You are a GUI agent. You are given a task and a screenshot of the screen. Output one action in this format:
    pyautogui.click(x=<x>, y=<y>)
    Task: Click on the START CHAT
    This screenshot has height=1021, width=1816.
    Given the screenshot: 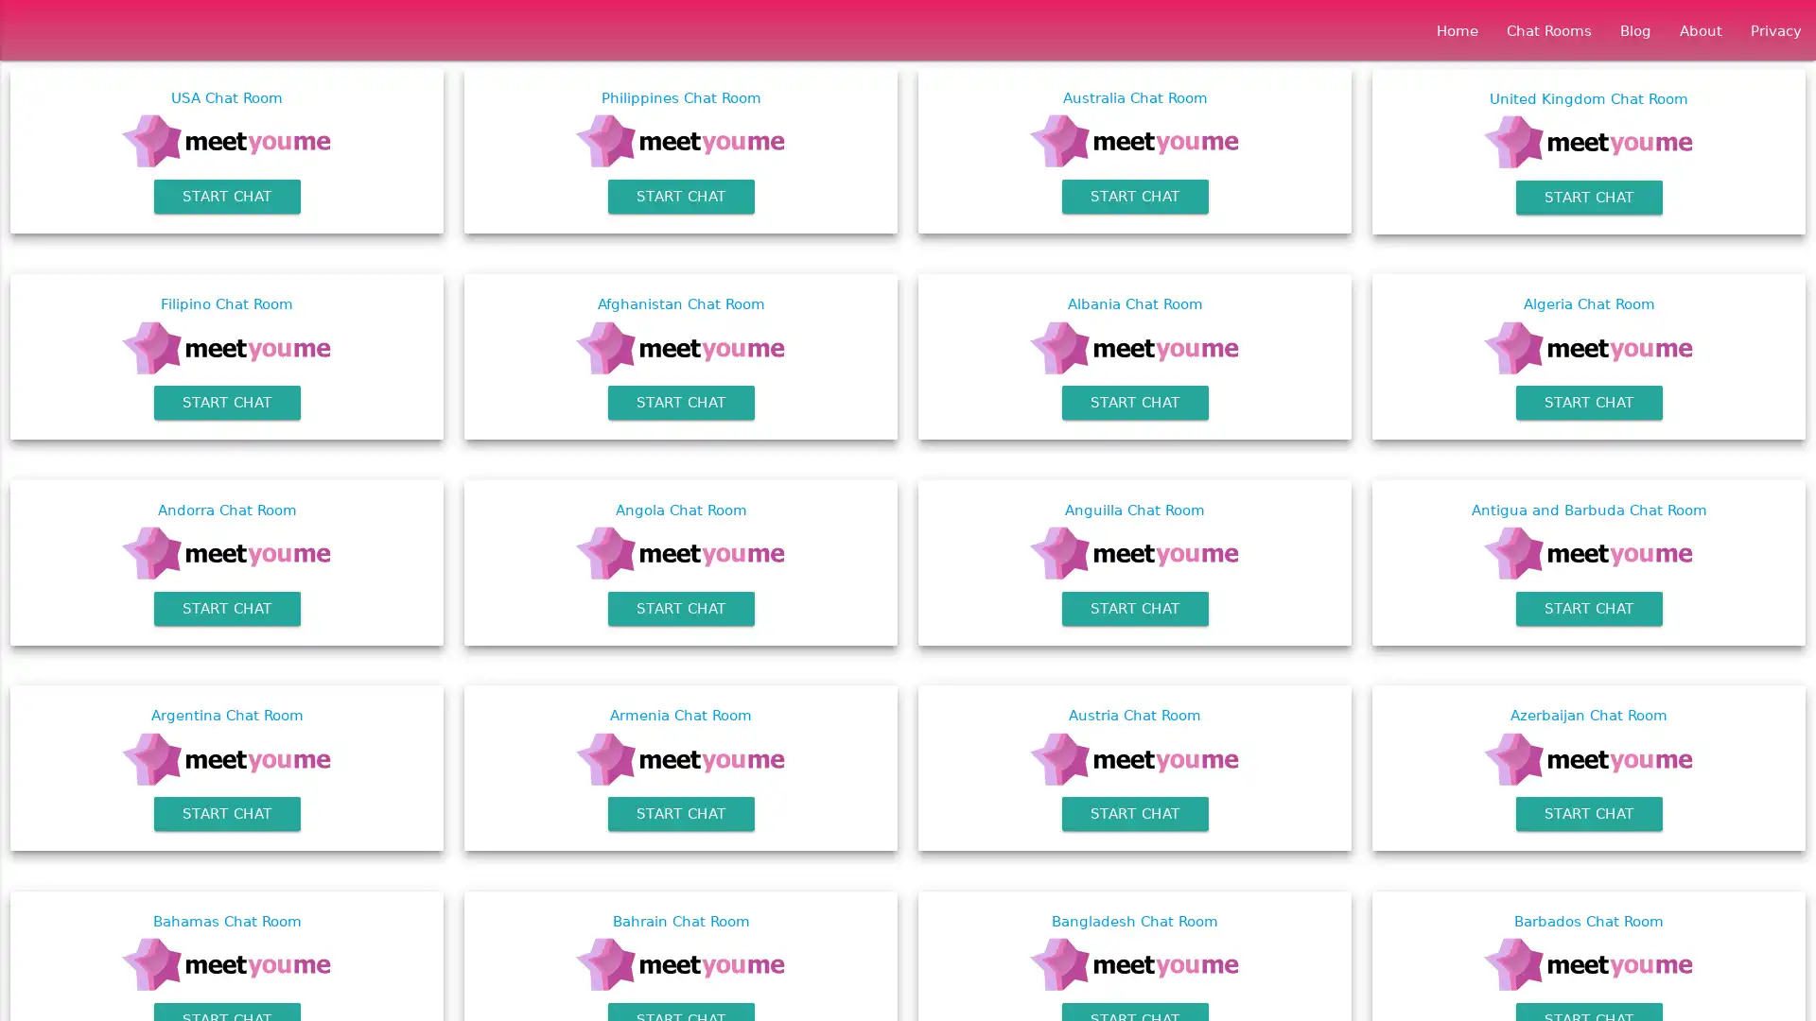 What is the action you would take?
    pyautogui.click(x=1588, y=608)
    